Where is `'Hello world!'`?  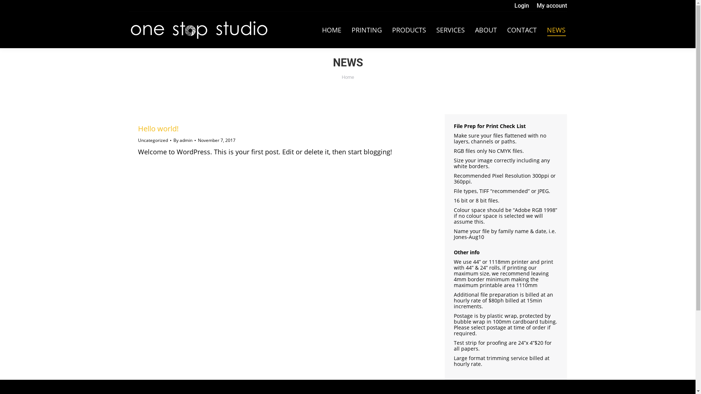 'Hello world!' is located at coordinates (138, 128).